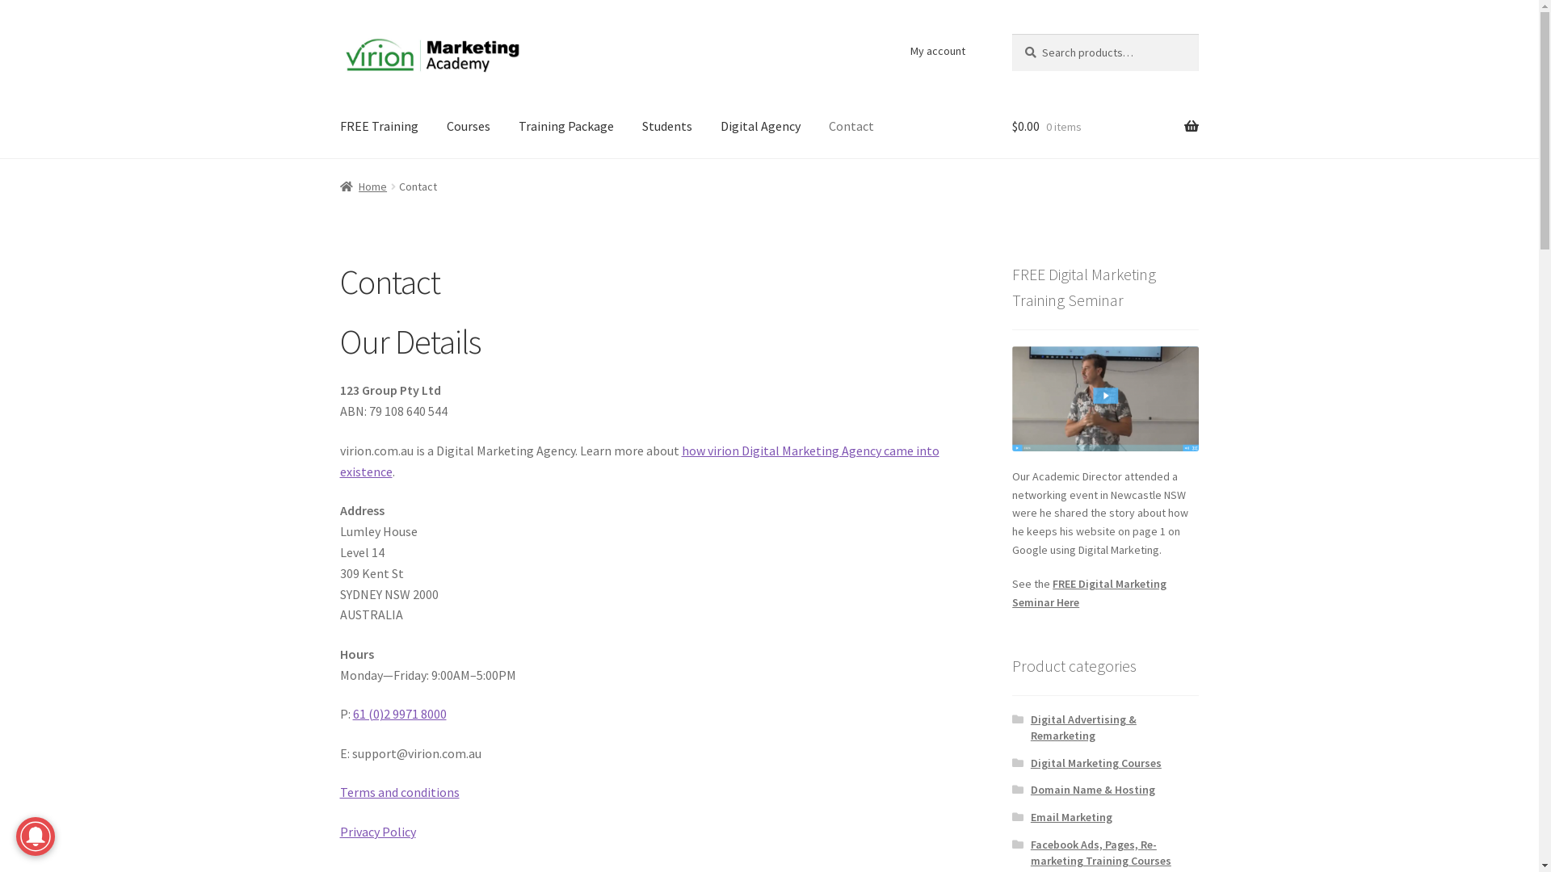  I want to click on 'Training Package', so click(565, 126).